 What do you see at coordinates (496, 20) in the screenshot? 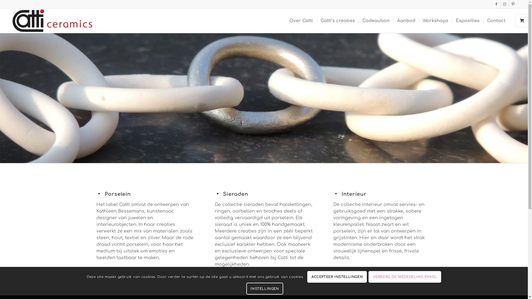
I see `'Contact'` at bounding box center [496, 20].